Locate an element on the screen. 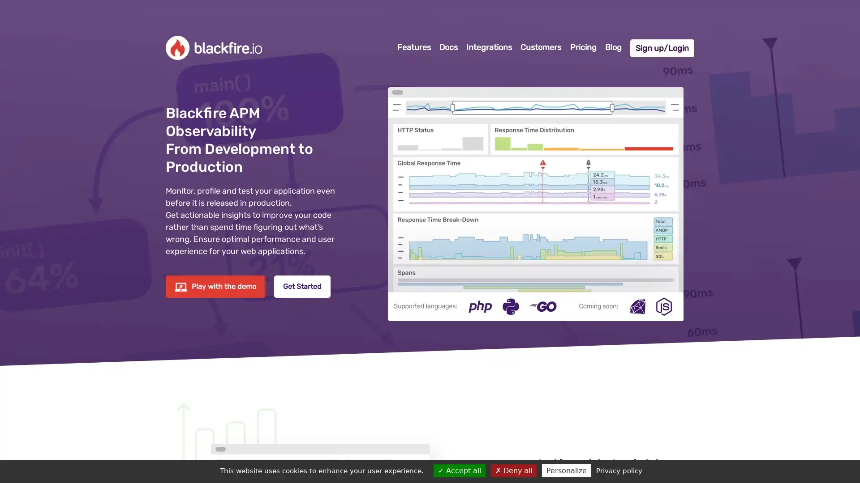 The image size is (860, 483). Personalize (modal window) is located at coordinates (565, 470).